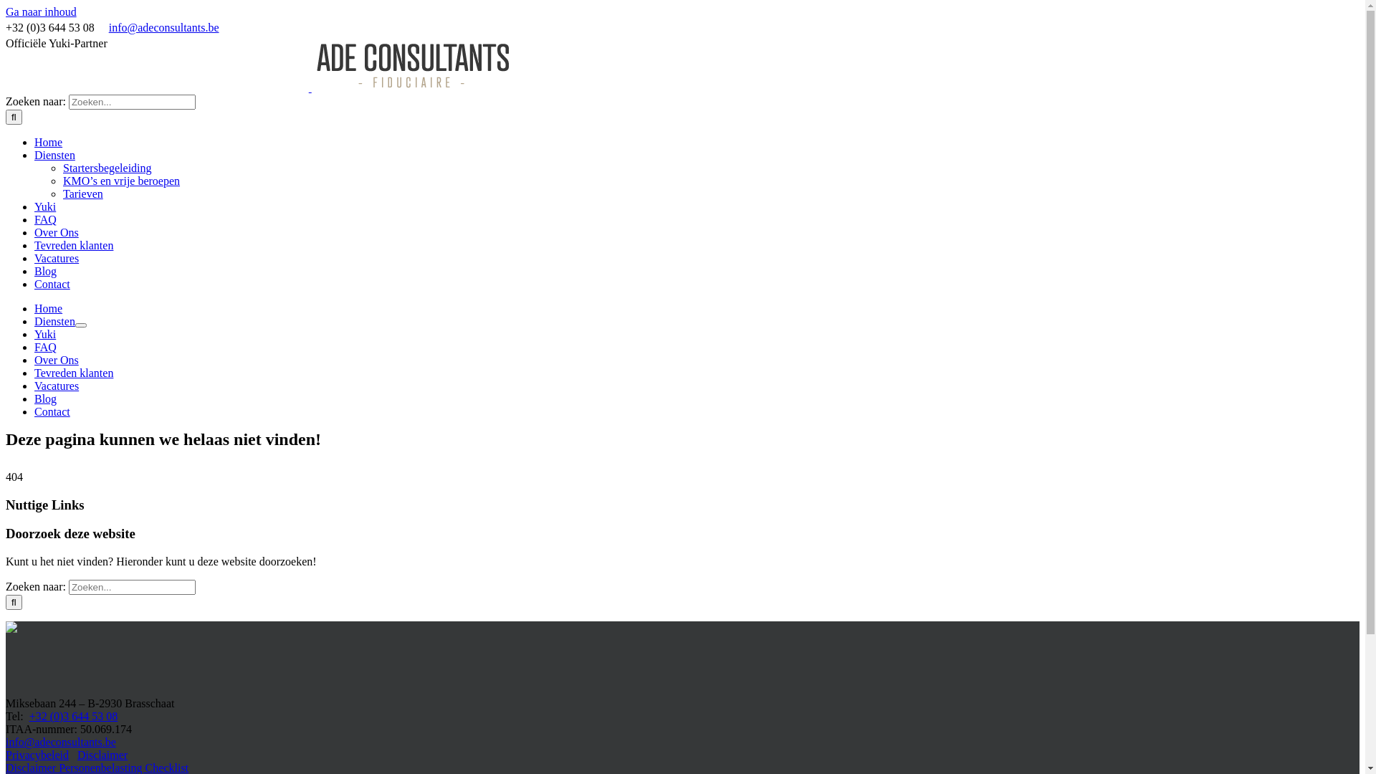 The height and width of the screenshot is (774, 1376). What do you see at coordinates (34, 307) in the screenshot?
I see `'Home'` at bounding box center [34, 307].